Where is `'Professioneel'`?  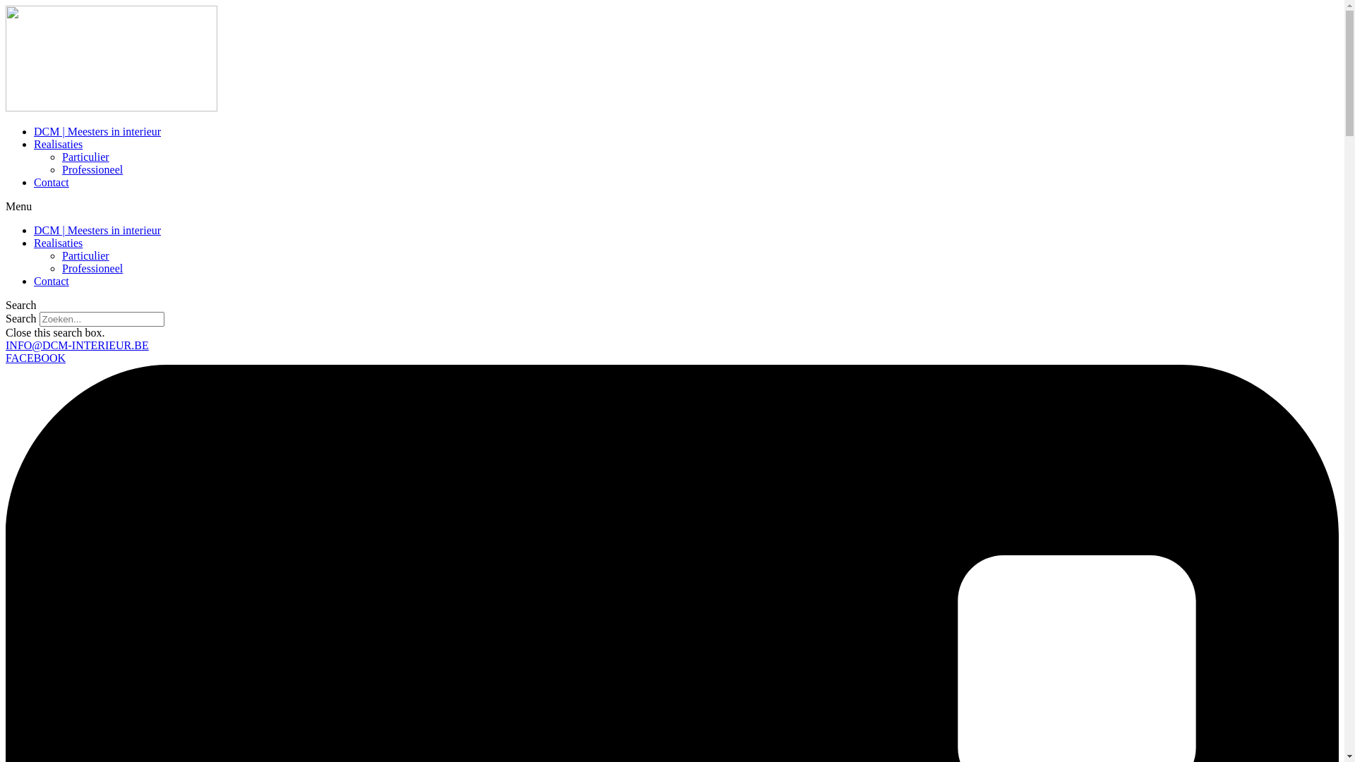
'Professioneel' is located at coordinates (91, 268).